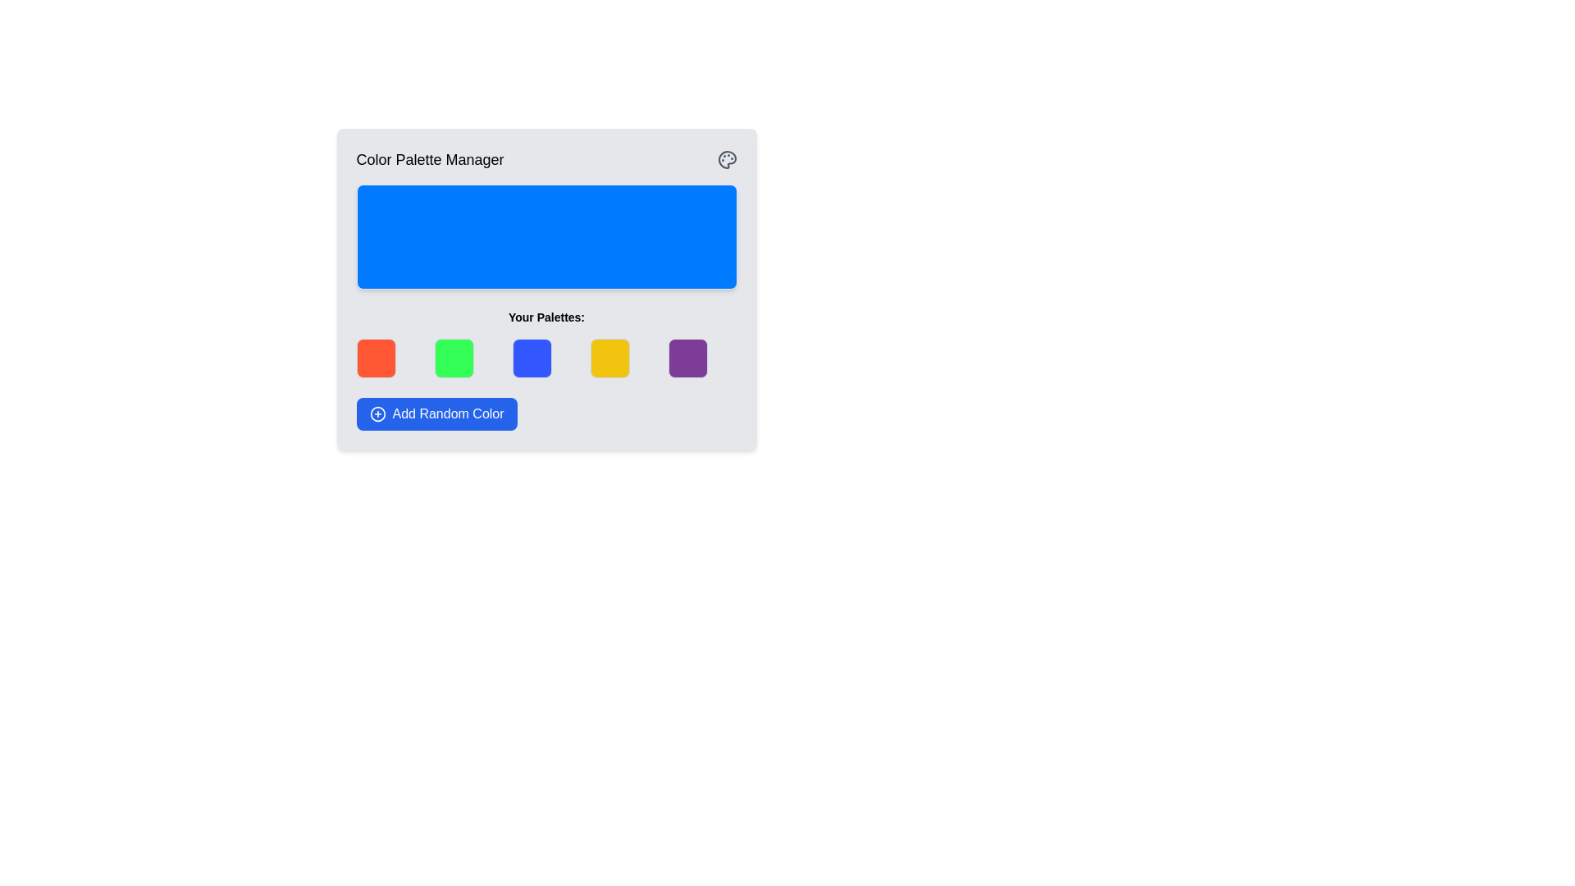  Describe the element at coordinates (546, 343) in the screenshot. I see `any of the color squares in the 'Color Palette Manager' section` at that location.